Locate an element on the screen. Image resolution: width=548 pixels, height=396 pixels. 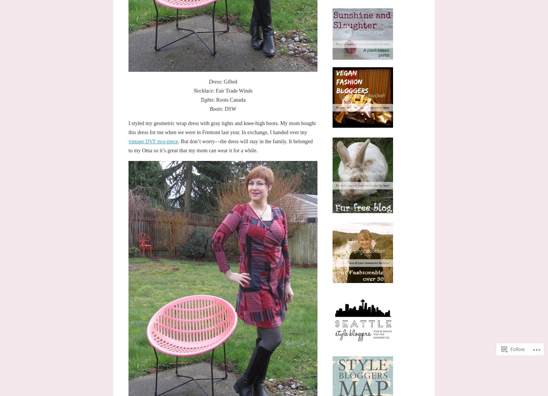
'I styled my geometric wrap dress with gray tights and knee-high boots. My mom bought this dress for me when we were in Fremont last year. In exchange, I handed over my' is located at coordinates (221, 128).